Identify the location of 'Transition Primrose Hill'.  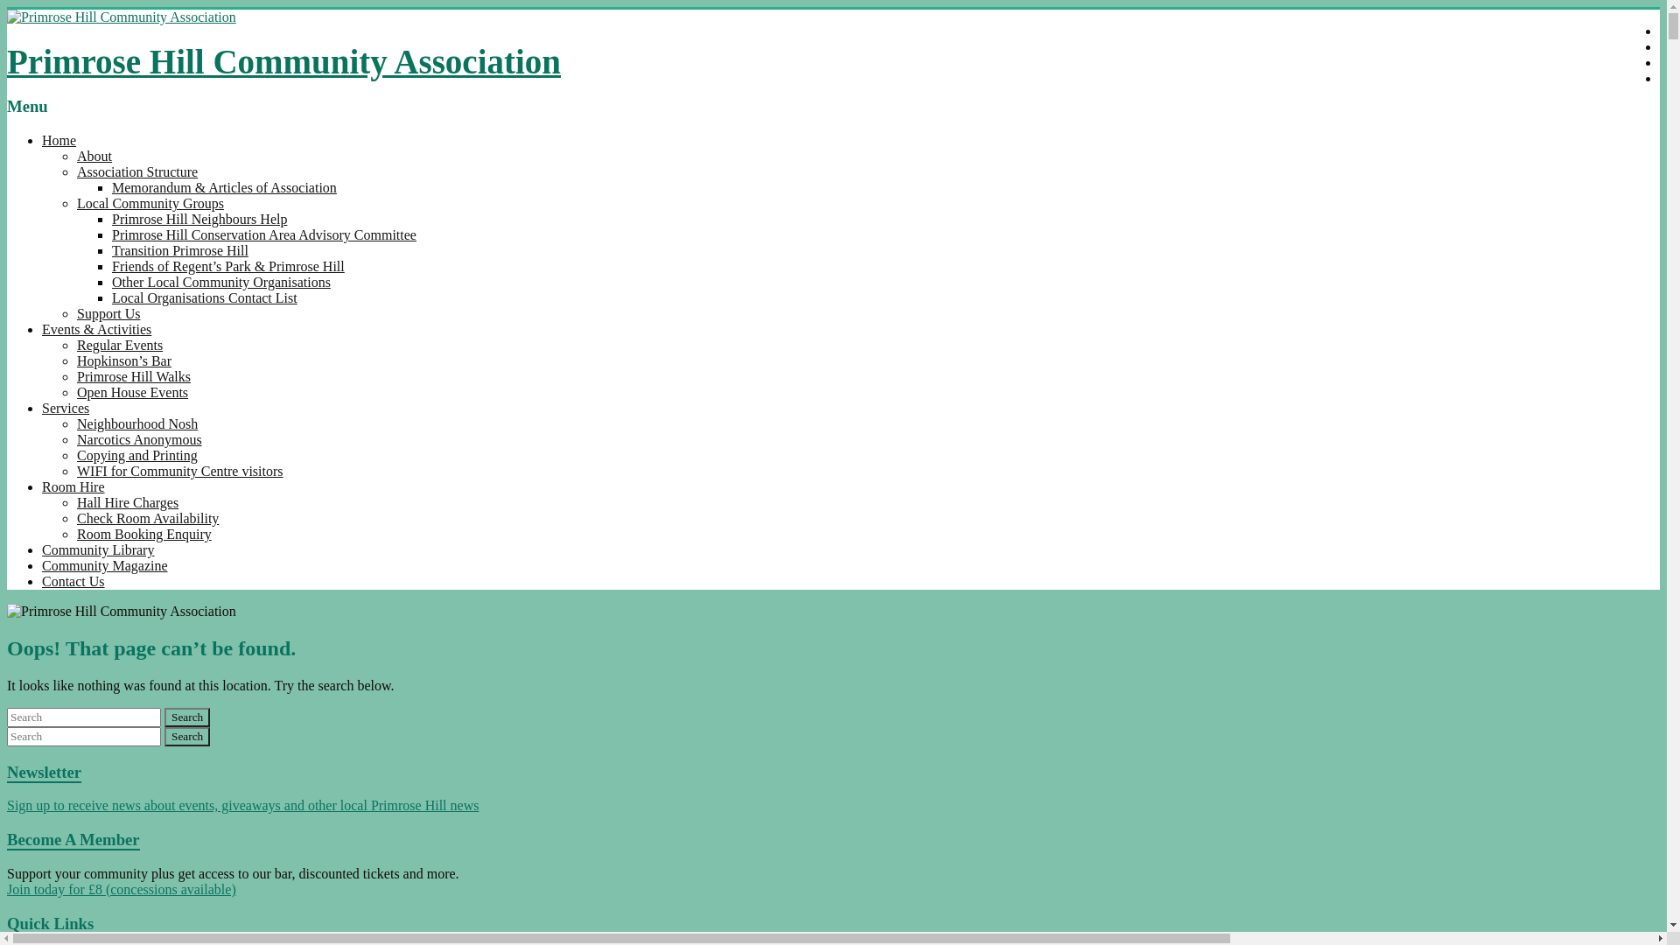
(111, 250).